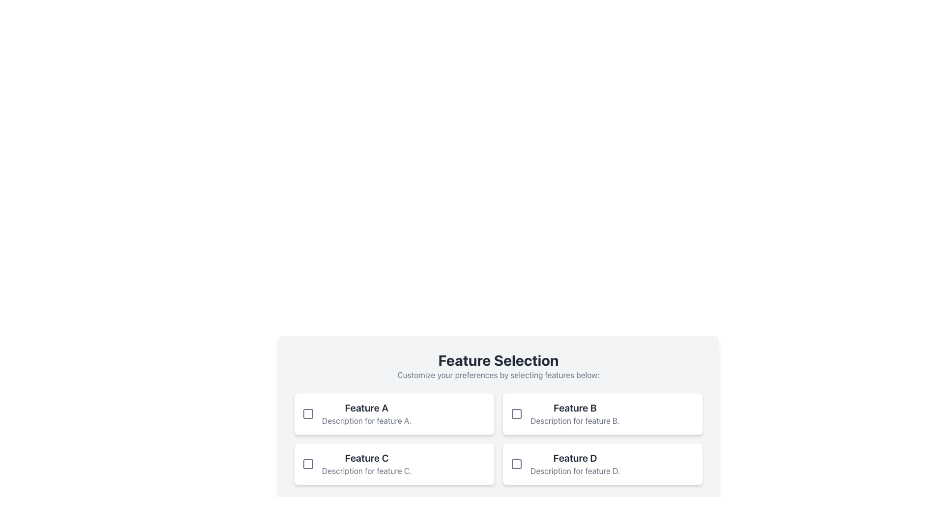  What do you see at coordinates (602, 413) in the screenshot?
I see `feature title and description from the 'Feature B' checkbox element located in the top-right corner of the grid layout` at bounding box center [602, 413].